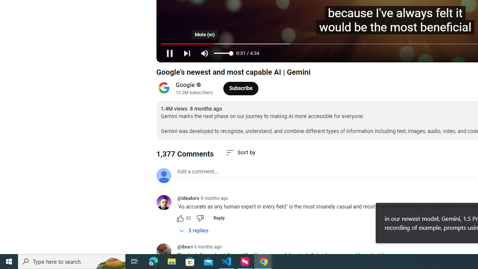 The width and height of the screenshot is (478, 269). I want to click on 'Next (SHIFT+n)', so click(187, 53).